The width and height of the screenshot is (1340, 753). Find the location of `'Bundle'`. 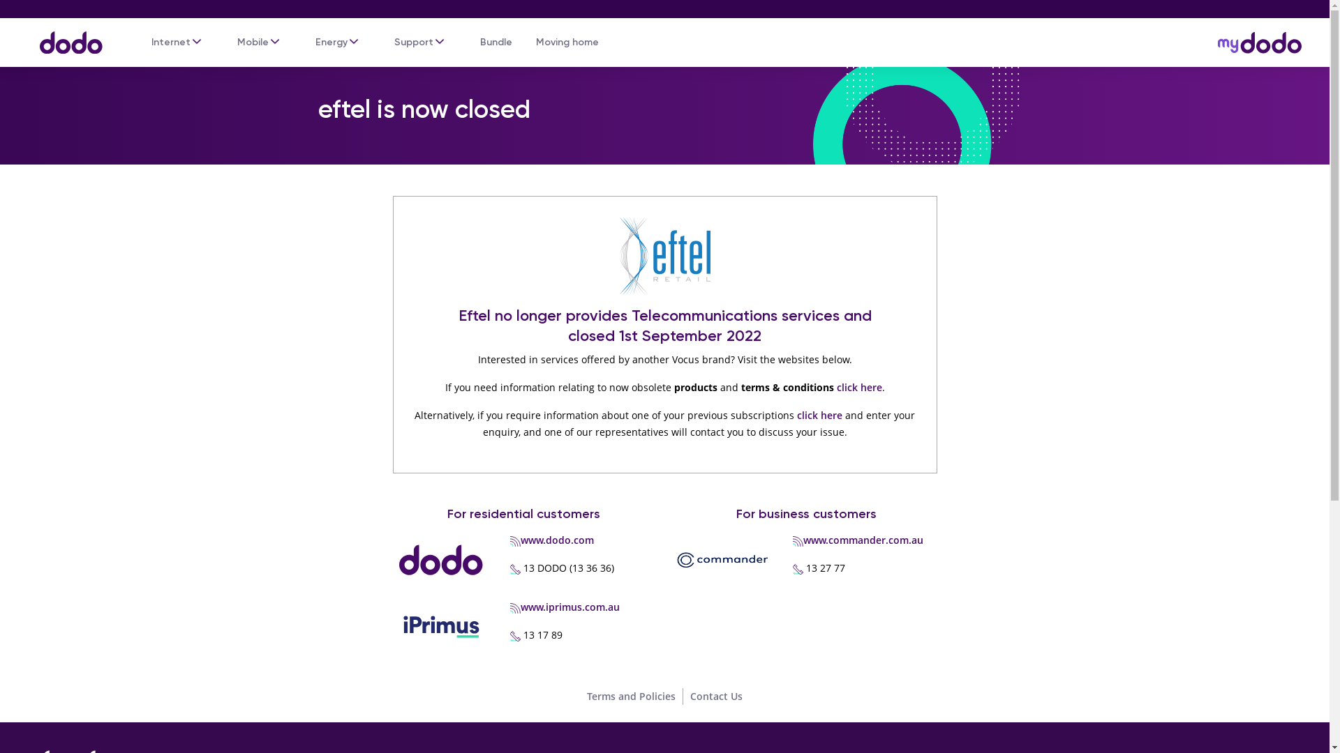

'Bundle' is located at coordinates (496, 42).